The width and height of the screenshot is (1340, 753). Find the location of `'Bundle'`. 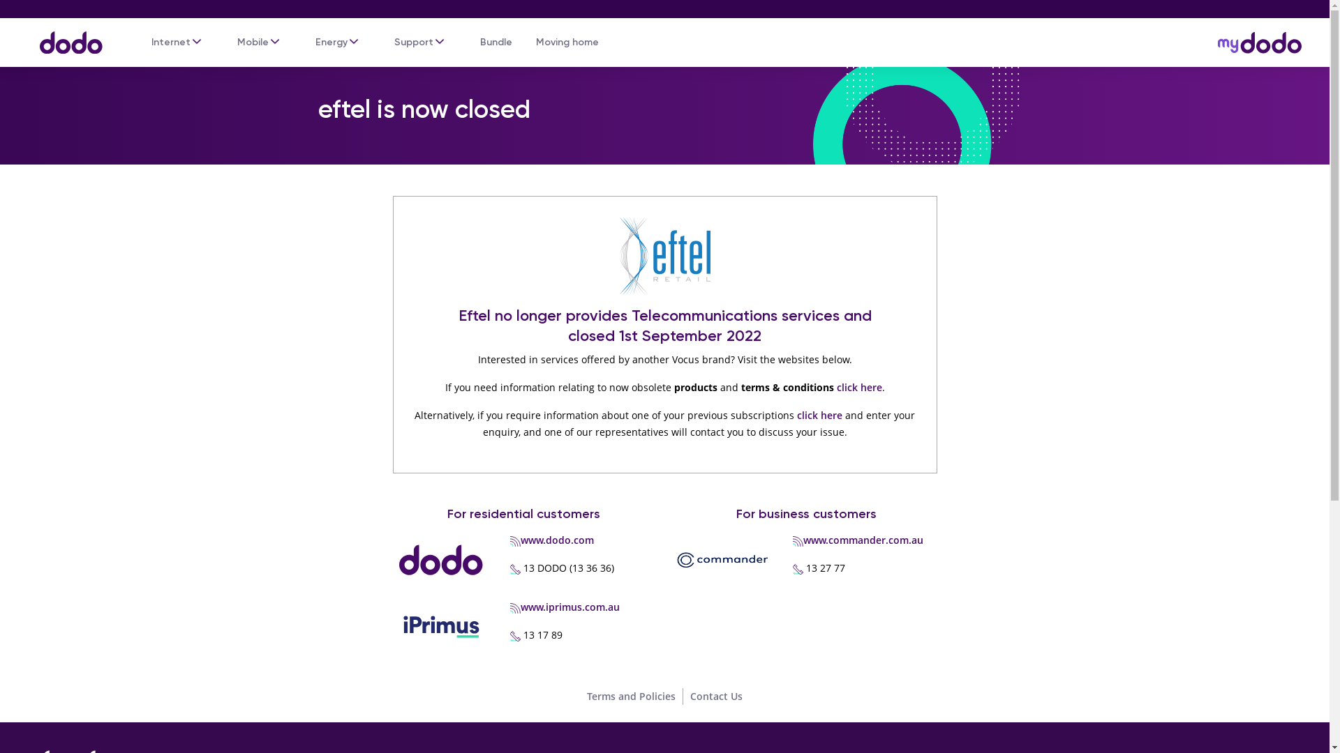

'Bundle' is located at coordinates (496, 42).